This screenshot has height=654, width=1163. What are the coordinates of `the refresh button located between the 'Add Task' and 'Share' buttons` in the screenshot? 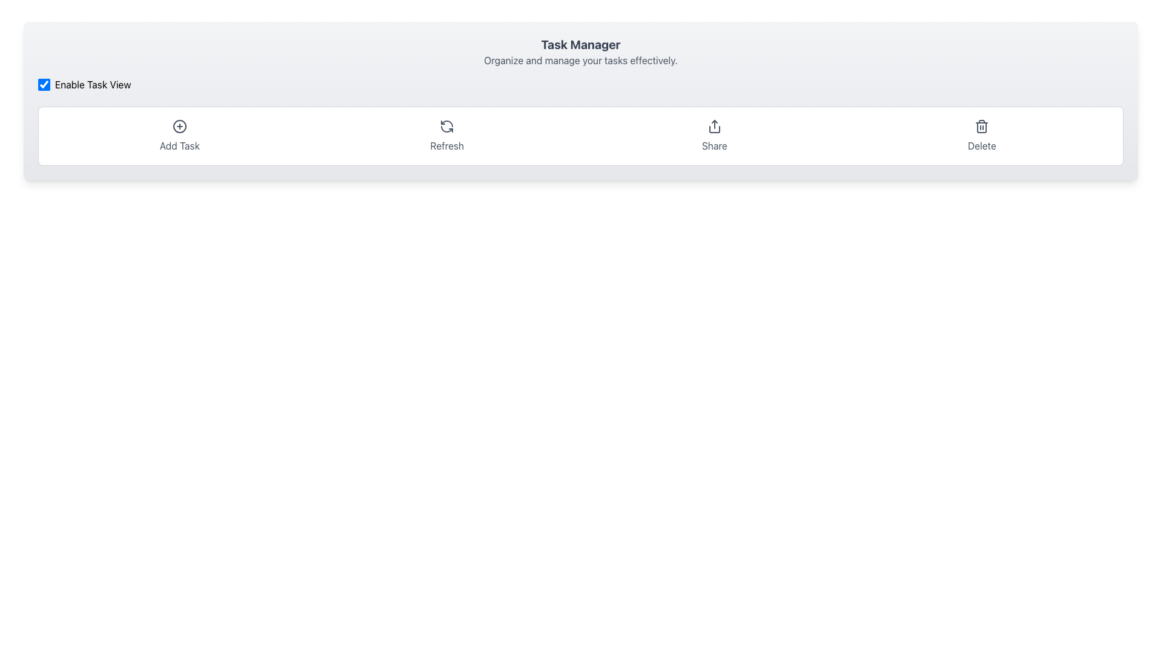 It's located at (446, 136).